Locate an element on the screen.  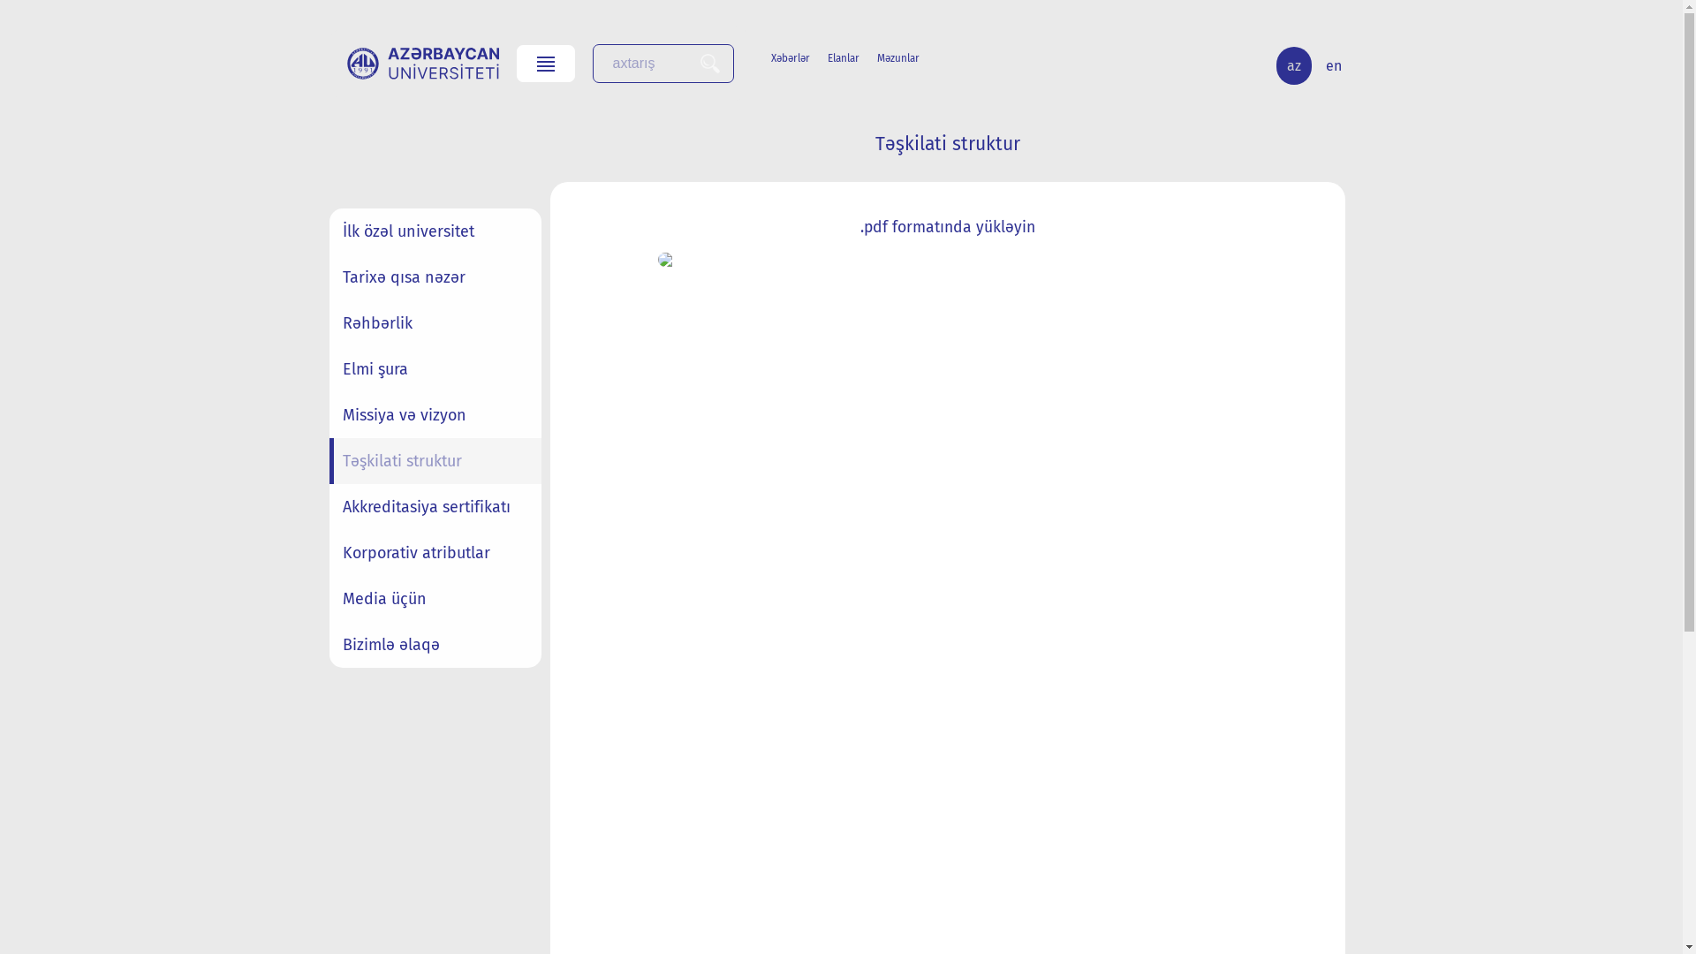
'en' is located at coordinates (1314, 64).